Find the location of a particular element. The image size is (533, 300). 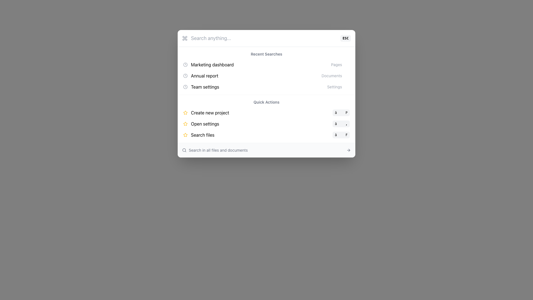

the minimalist clock icon located to the left of the 'Team settings' label in the 'Recent Searches' section is located at coordinates (185, 87).